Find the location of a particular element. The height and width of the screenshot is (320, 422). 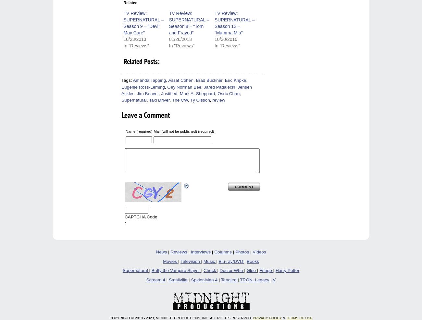

'review' is located at coordinates (218, 100).